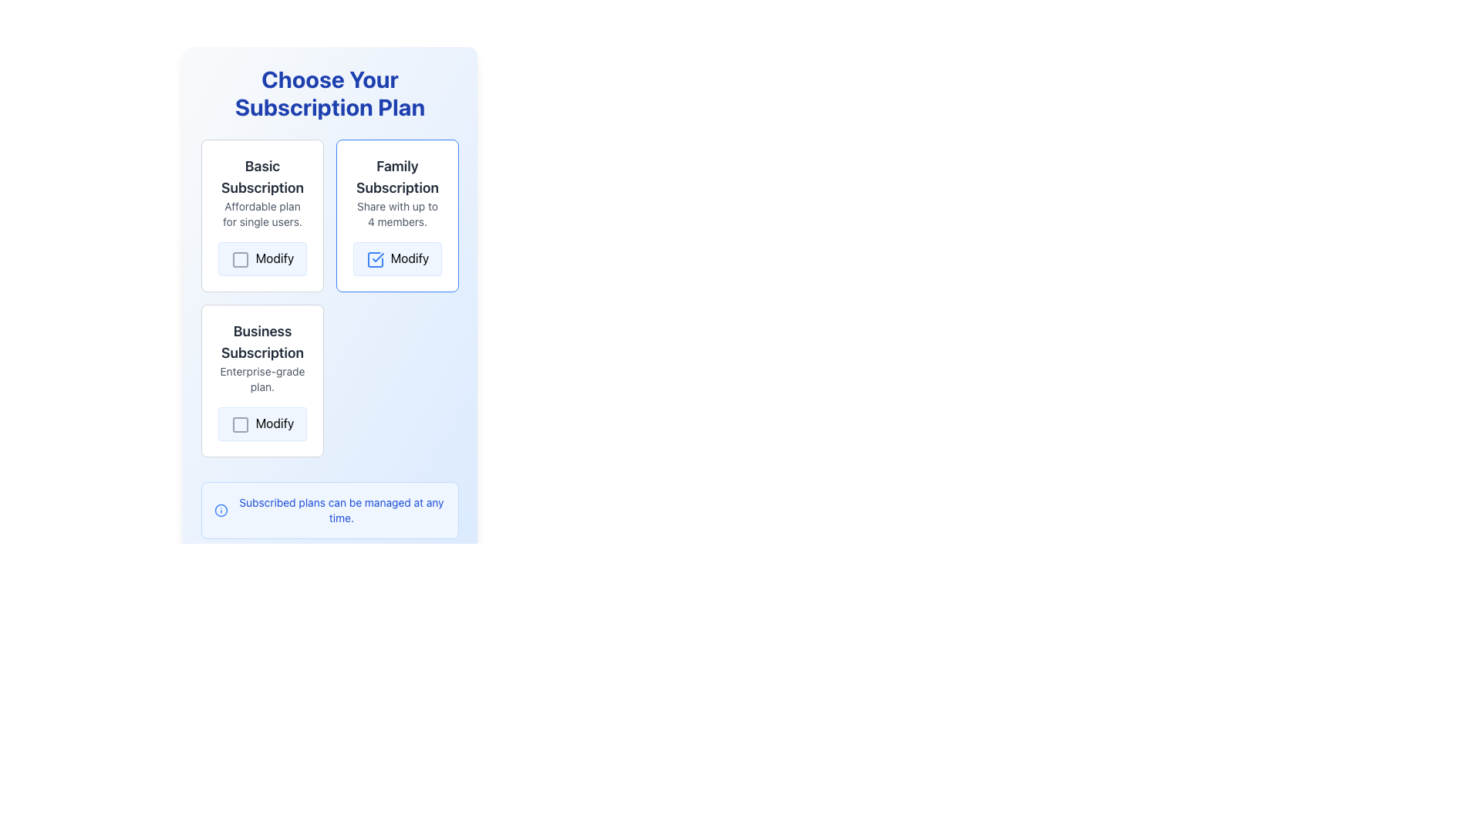 This screenshot has width=1481, height=833. What do you see at coordinates (262, 380) in the screenshot?
I see `the 'Modify' button on the 'Business Subscription' card located in the bottom-left of the subscription options grid` at bounding box center [262, 380].